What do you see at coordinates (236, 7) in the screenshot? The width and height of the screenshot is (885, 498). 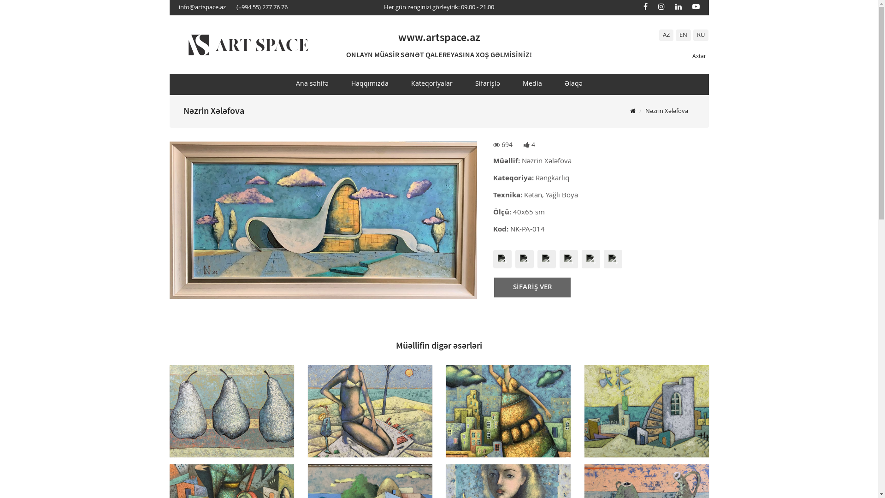 I see `'(+994 55) 277 76 76'` at bounding box center [236, 7].